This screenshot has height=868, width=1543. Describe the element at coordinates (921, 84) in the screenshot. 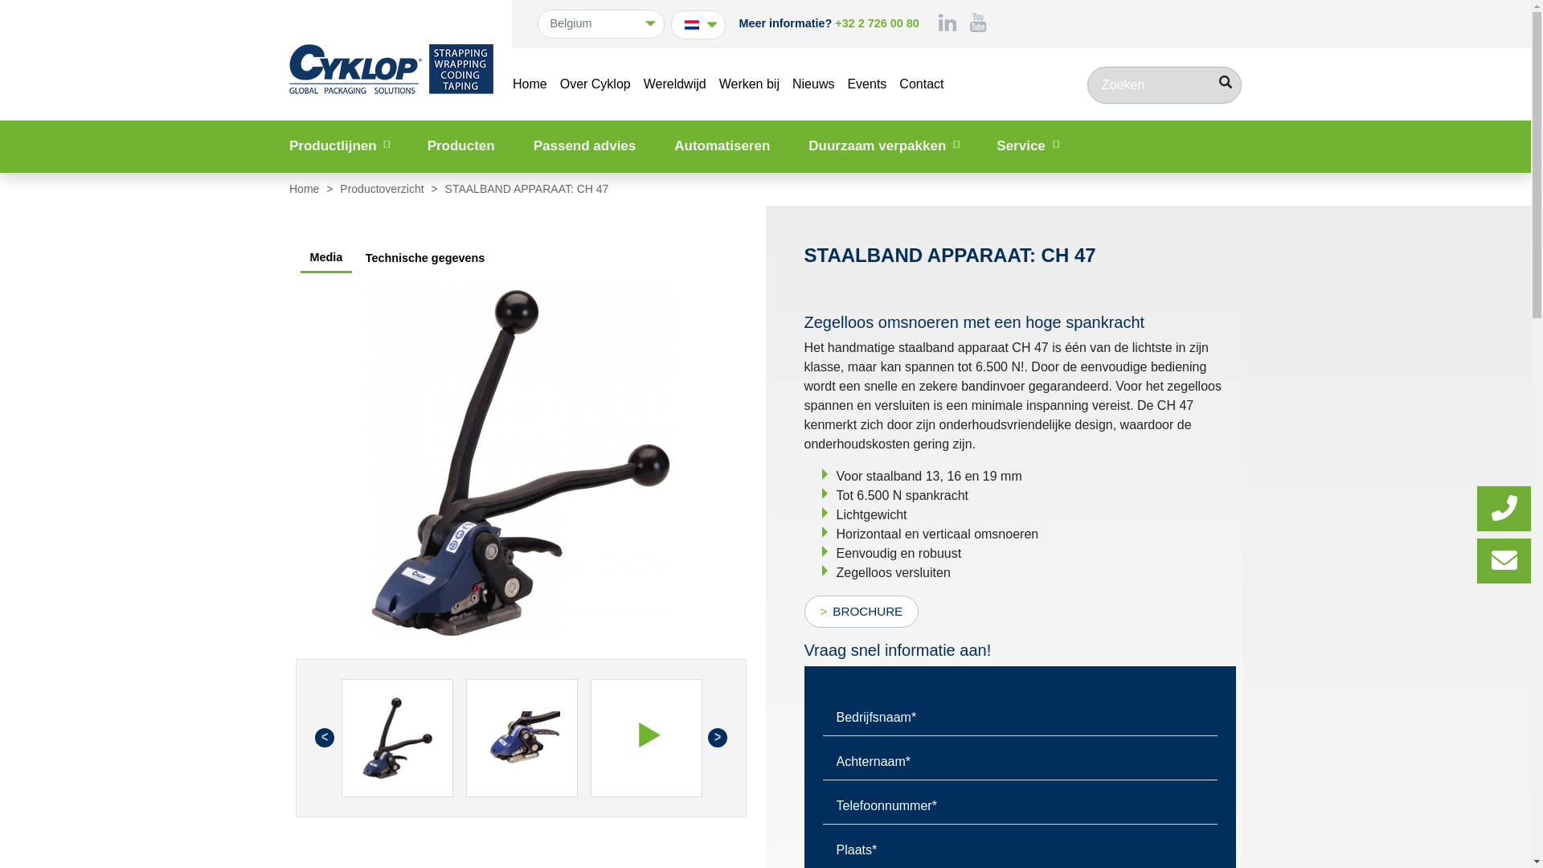

I see `'Contact'` at that location.